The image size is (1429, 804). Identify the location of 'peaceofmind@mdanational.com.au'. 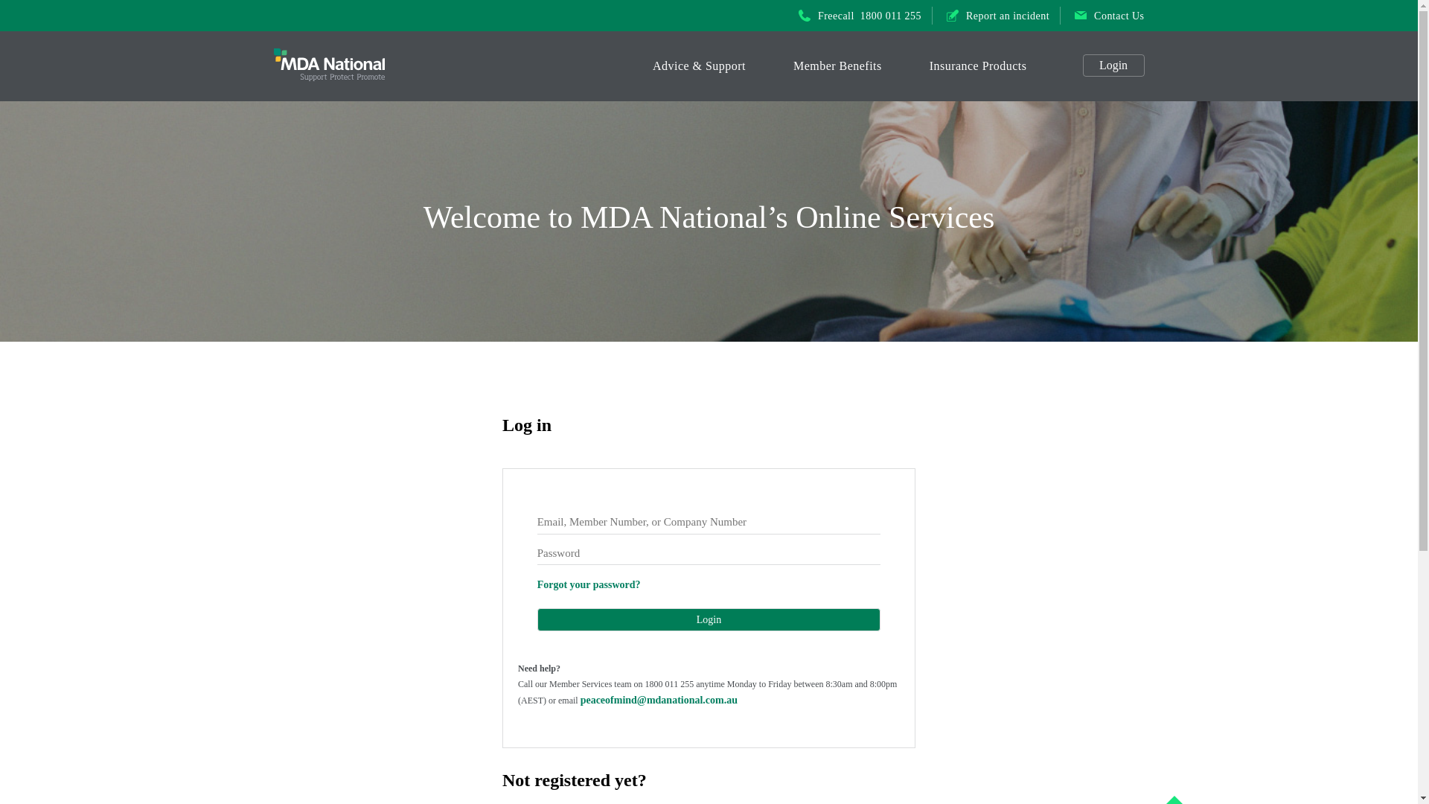
(658, 700).